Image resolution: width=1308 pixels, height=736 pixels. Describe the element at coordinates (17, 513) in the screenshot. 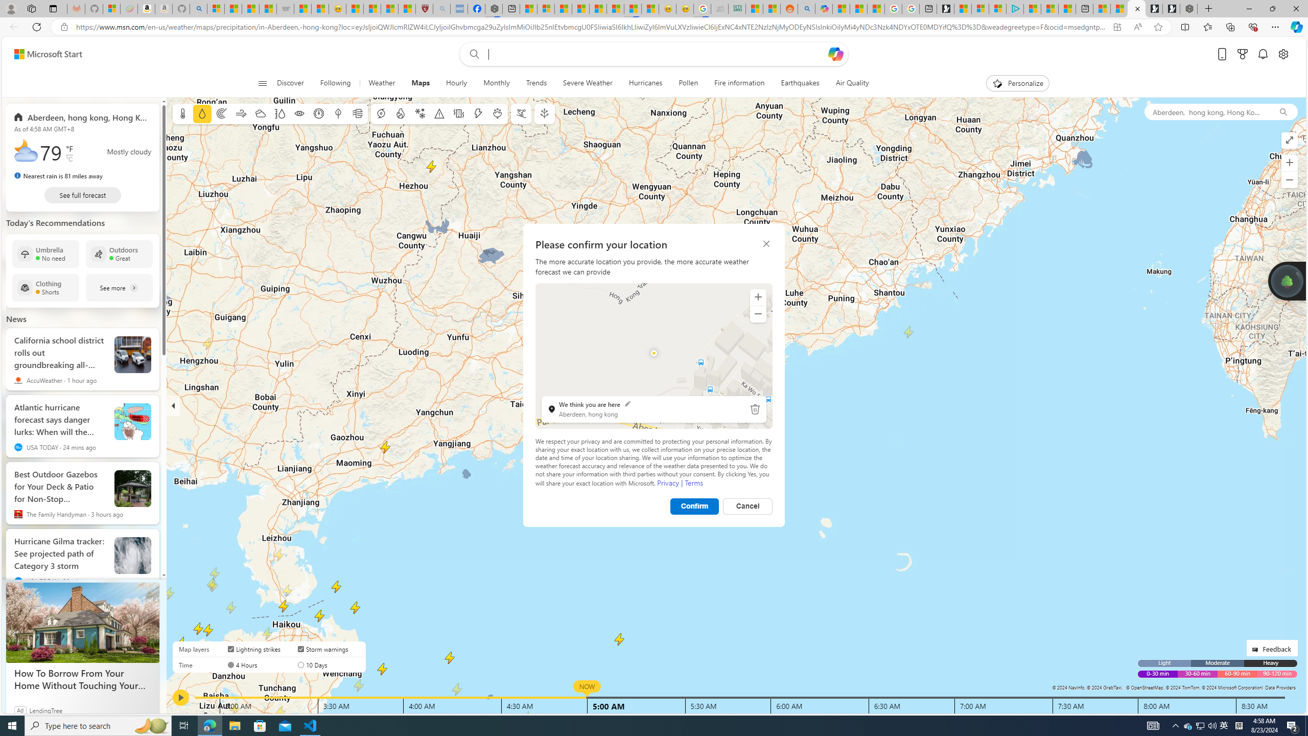

I see `'The Family Handyman'` at that location.